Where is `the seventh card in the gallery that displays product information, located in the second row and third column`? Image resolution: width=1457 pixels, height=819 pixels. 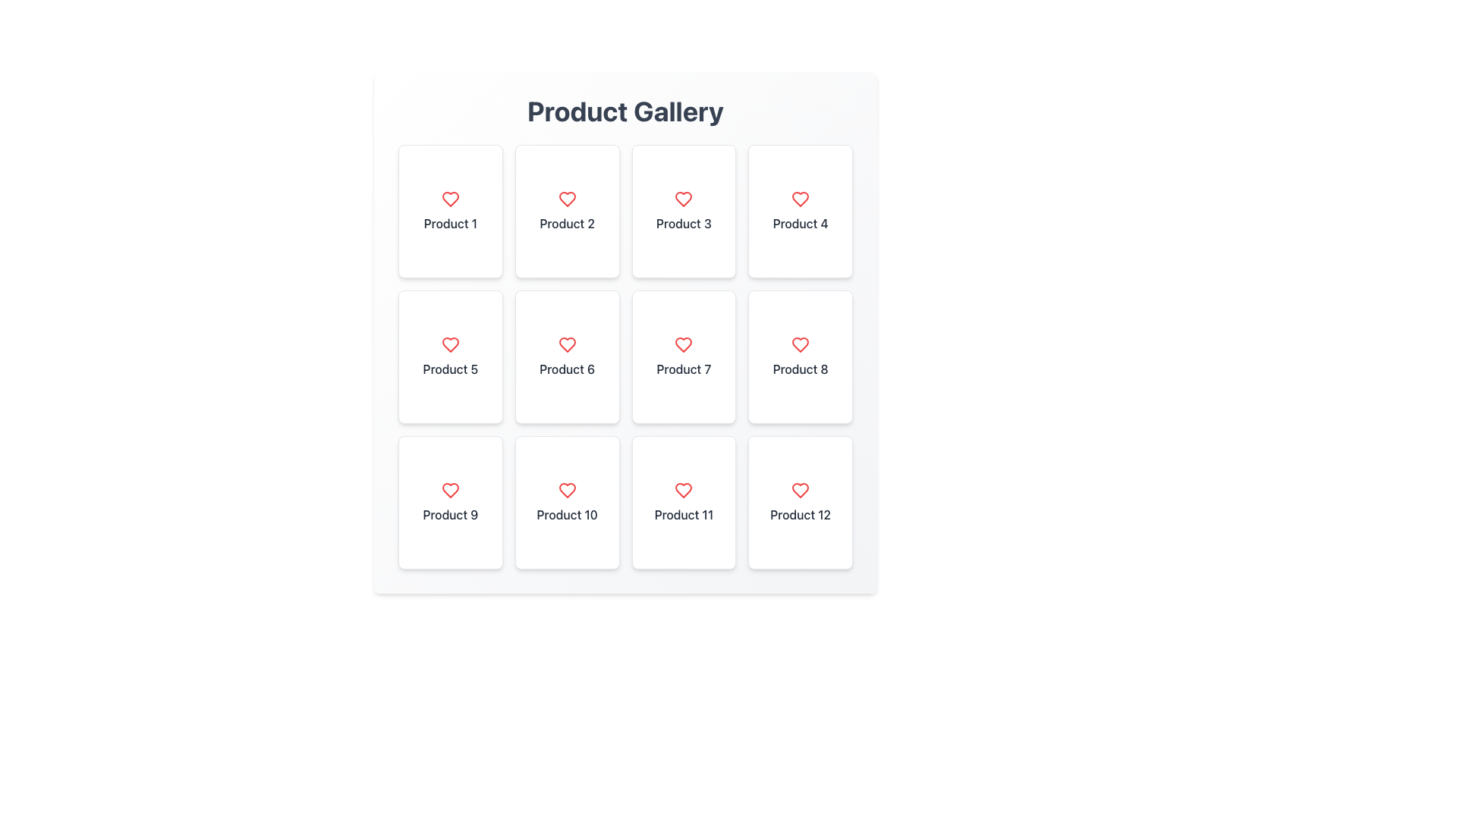
the seventh card in the gallery that displays product information, located in the second row and third column is located at coordinates (683, 356).